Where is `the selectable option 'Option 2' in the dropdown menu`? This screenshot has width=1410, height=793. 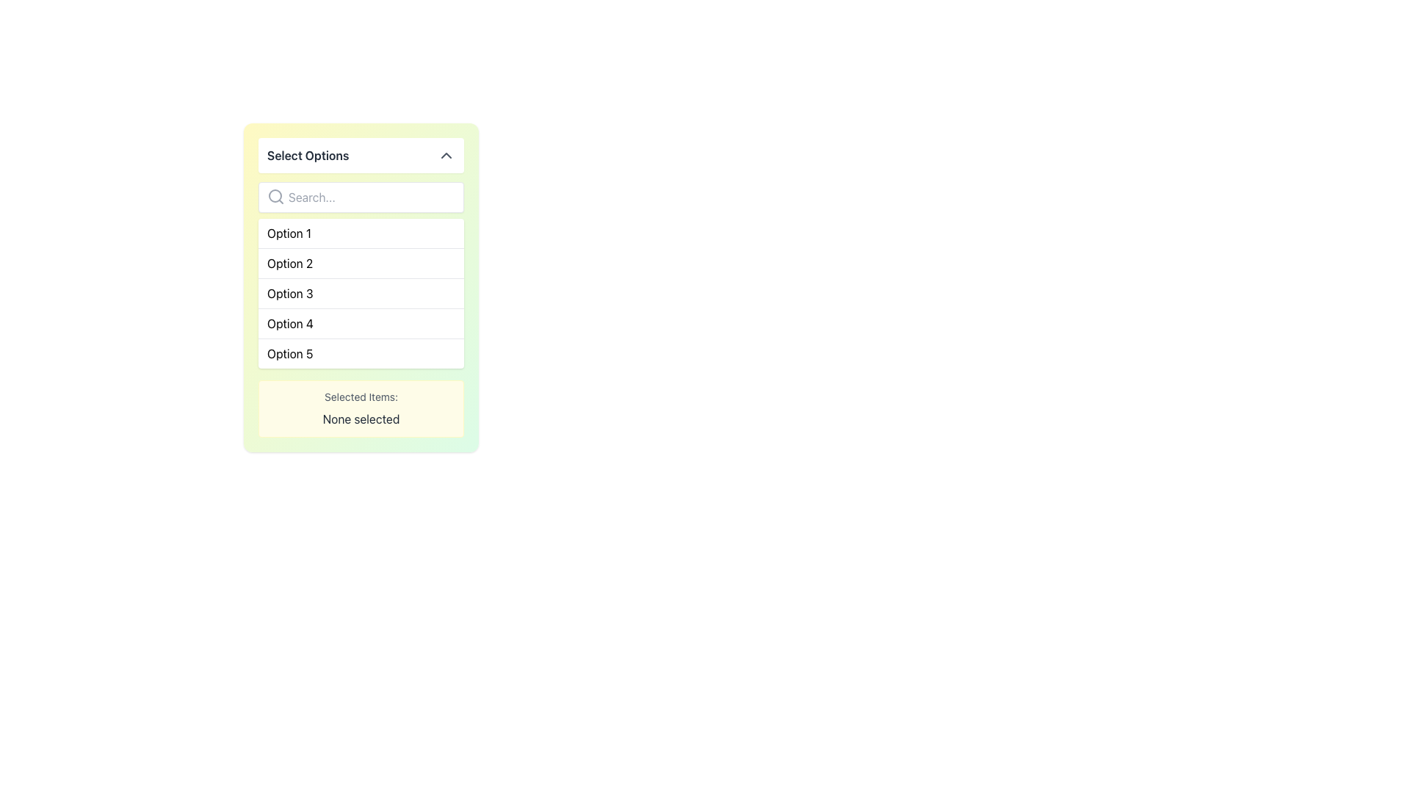 the selectable option 'Option 2' in the dropdown menu is located at coordinates (290, 262).